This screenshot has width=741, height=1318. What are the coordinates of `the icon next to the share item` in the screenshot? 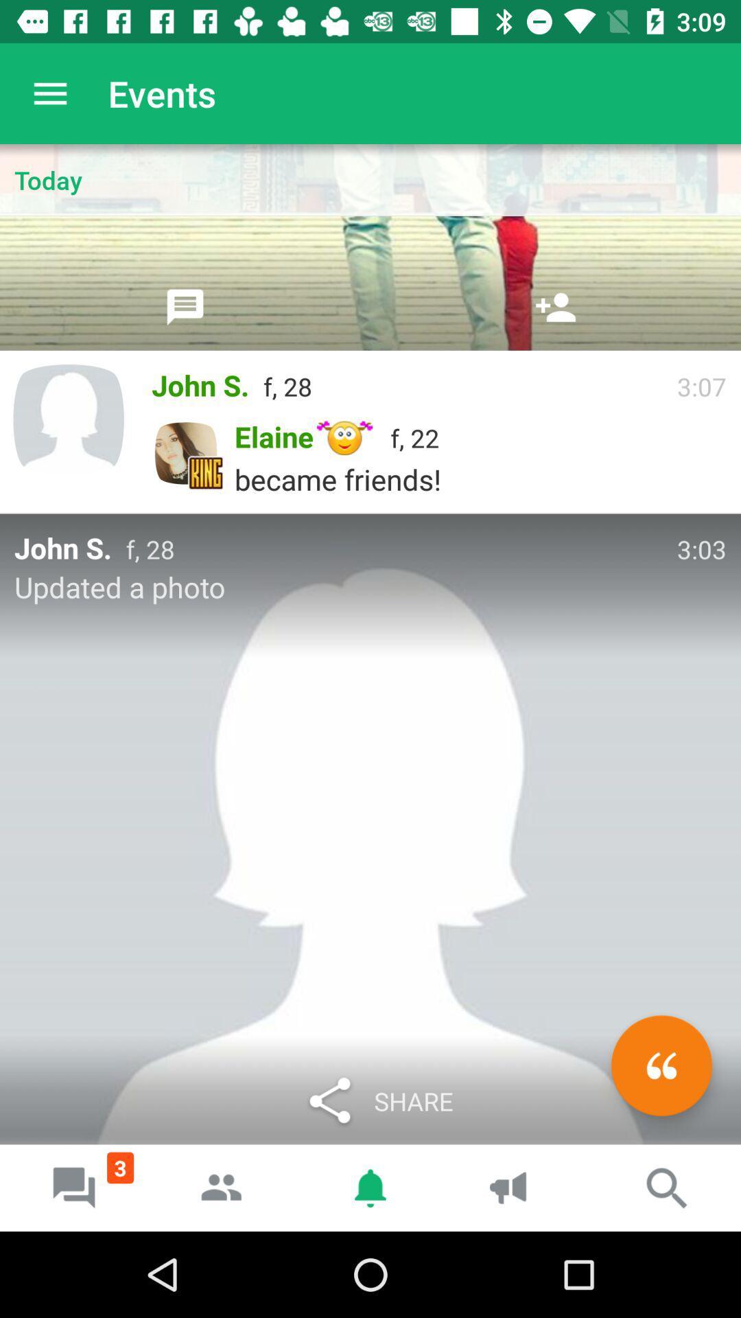 It's located at (661, 1065).